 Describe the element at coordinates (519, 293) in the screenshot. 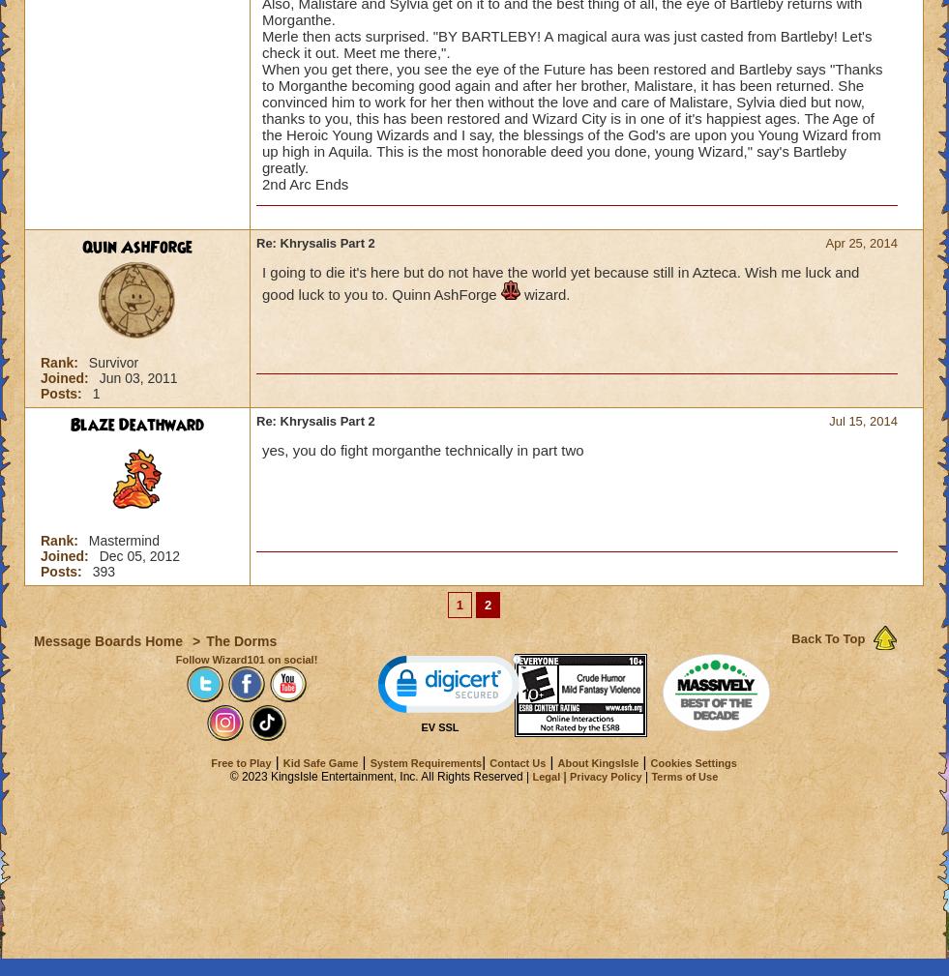

I see `'wizard.'` at that location.